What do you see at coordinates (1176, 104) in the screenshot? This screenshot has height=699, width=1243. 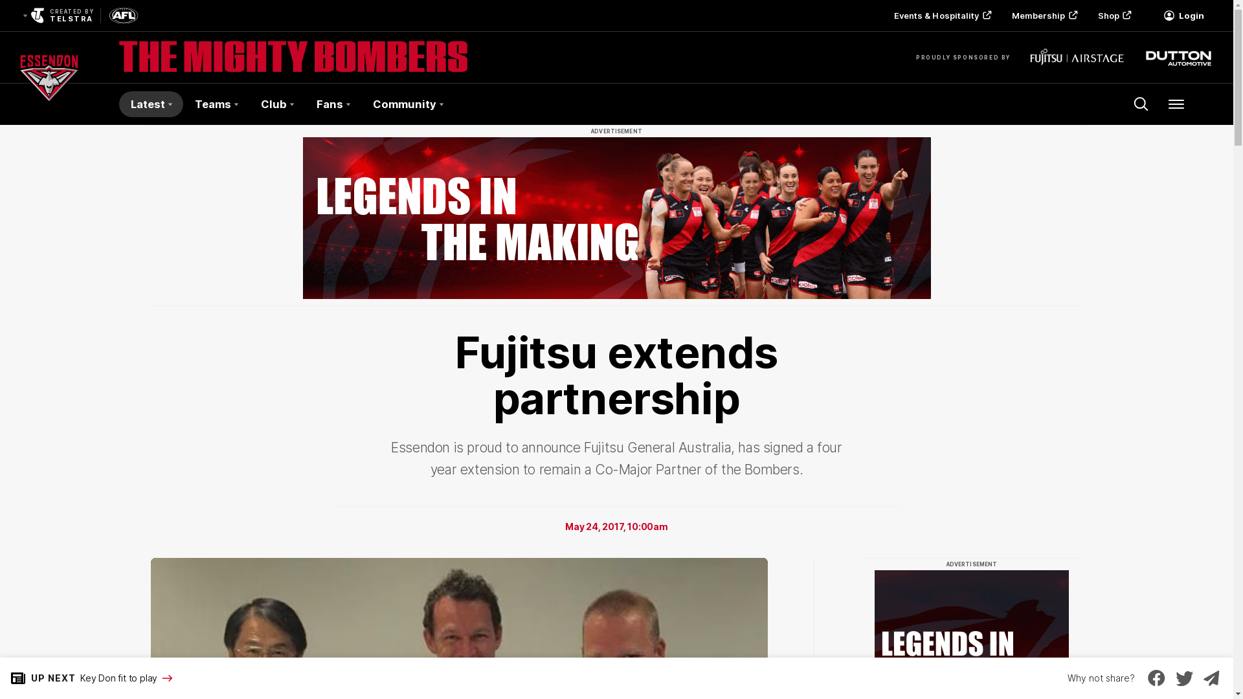 I see `'Menu'` at bounding box center [1176, 104].